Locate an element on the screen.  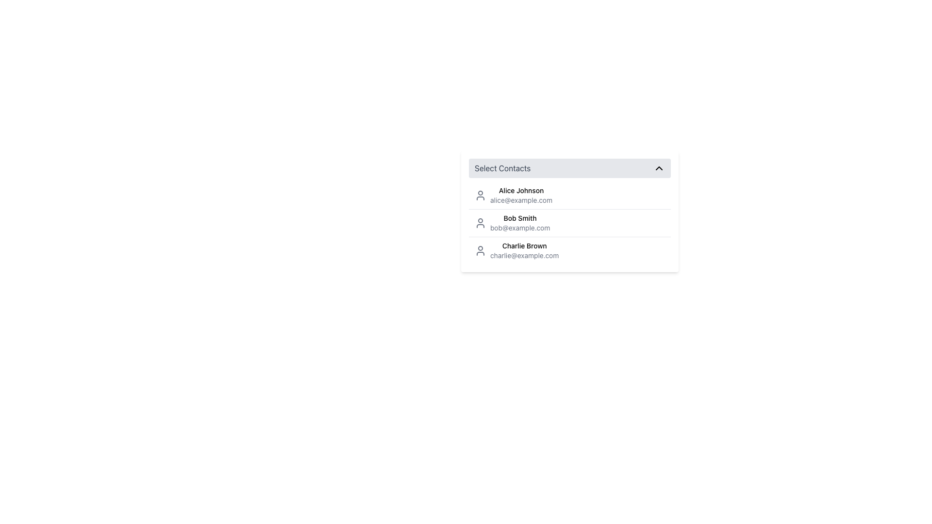
the first list item under 'Select Contacts' displaying the user's information with the name 'Alice Johnson' and email 'alice@example.com' is located at coordinates (570, 195).